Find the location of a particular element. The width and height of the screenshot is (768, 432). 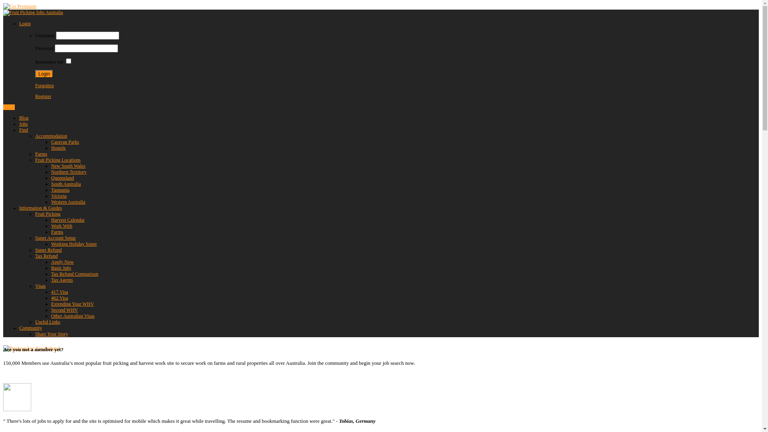

'Tax Refund' is located at coordinates (34, 256).